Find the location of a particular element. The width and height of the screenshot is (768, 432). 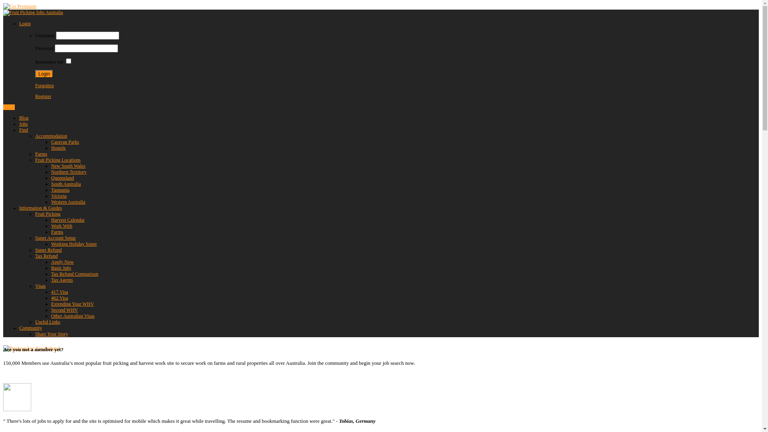

'Tax Refund' is located at coordinates (34, 256).